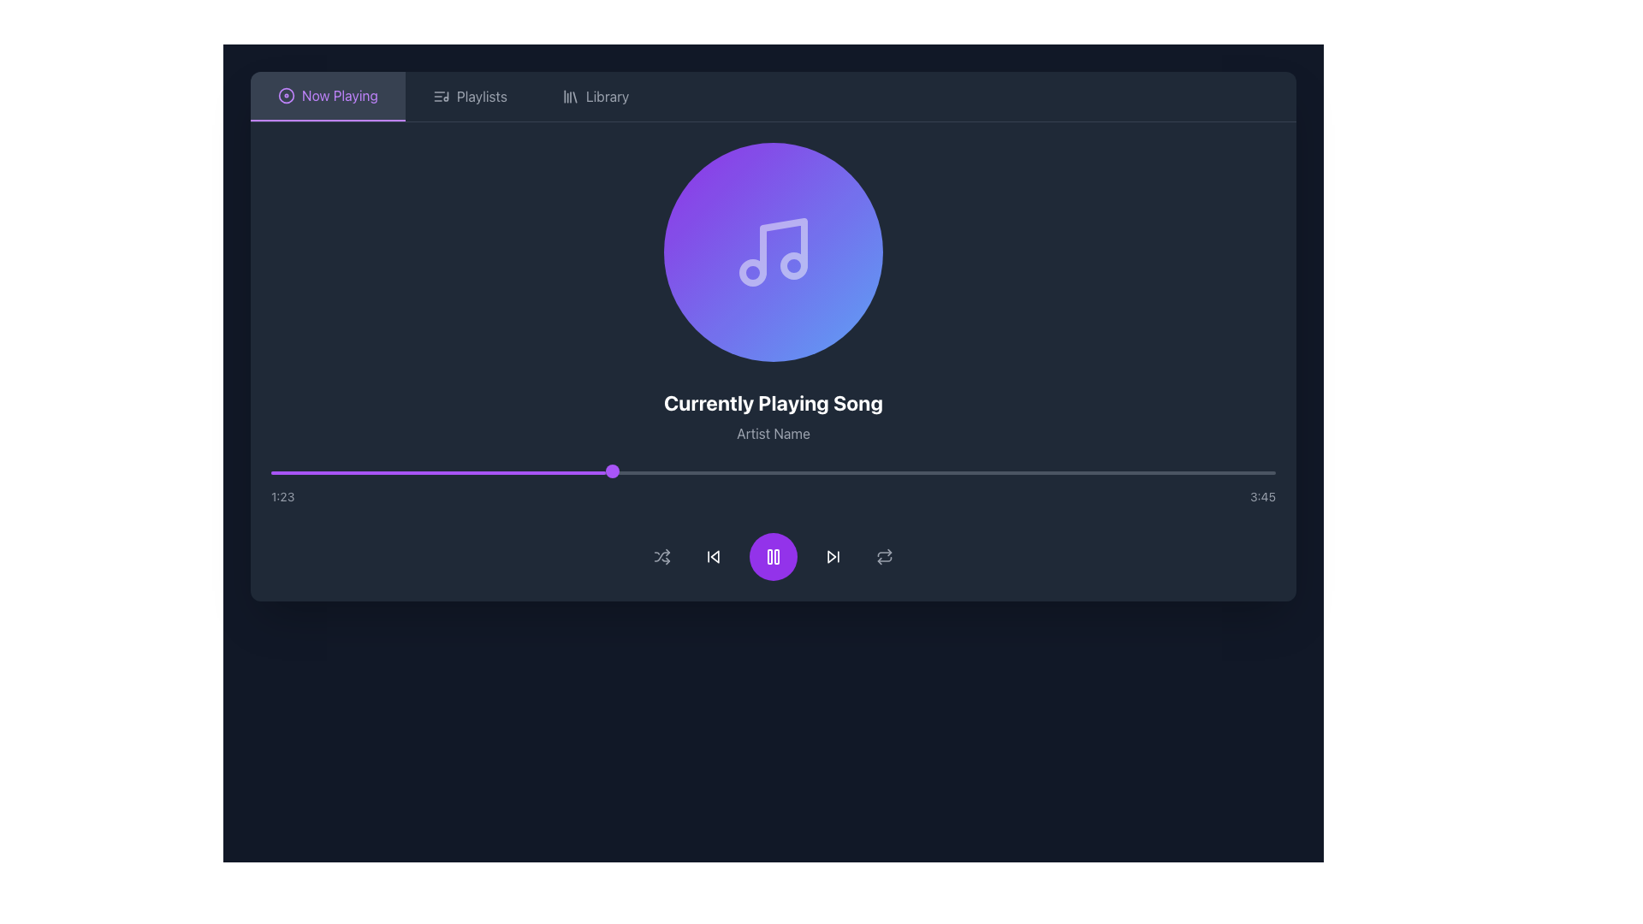  Describe the element at coordinates (340, 95) in the screenshot. I see `the text label indicating the current state, which is located to the right of a small circular icon in the top left of the interface` at that location.